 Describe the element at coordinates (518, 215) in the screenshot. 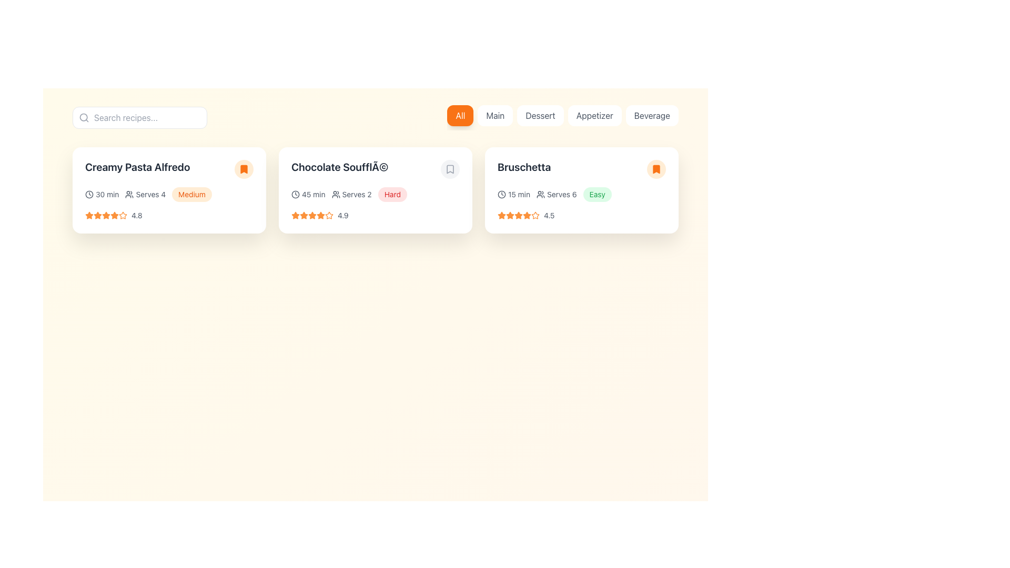

I see `the filled orange star icon, which is the fourth in a sequence of five stars representing a rating for 'Bruschetta'` at that location.